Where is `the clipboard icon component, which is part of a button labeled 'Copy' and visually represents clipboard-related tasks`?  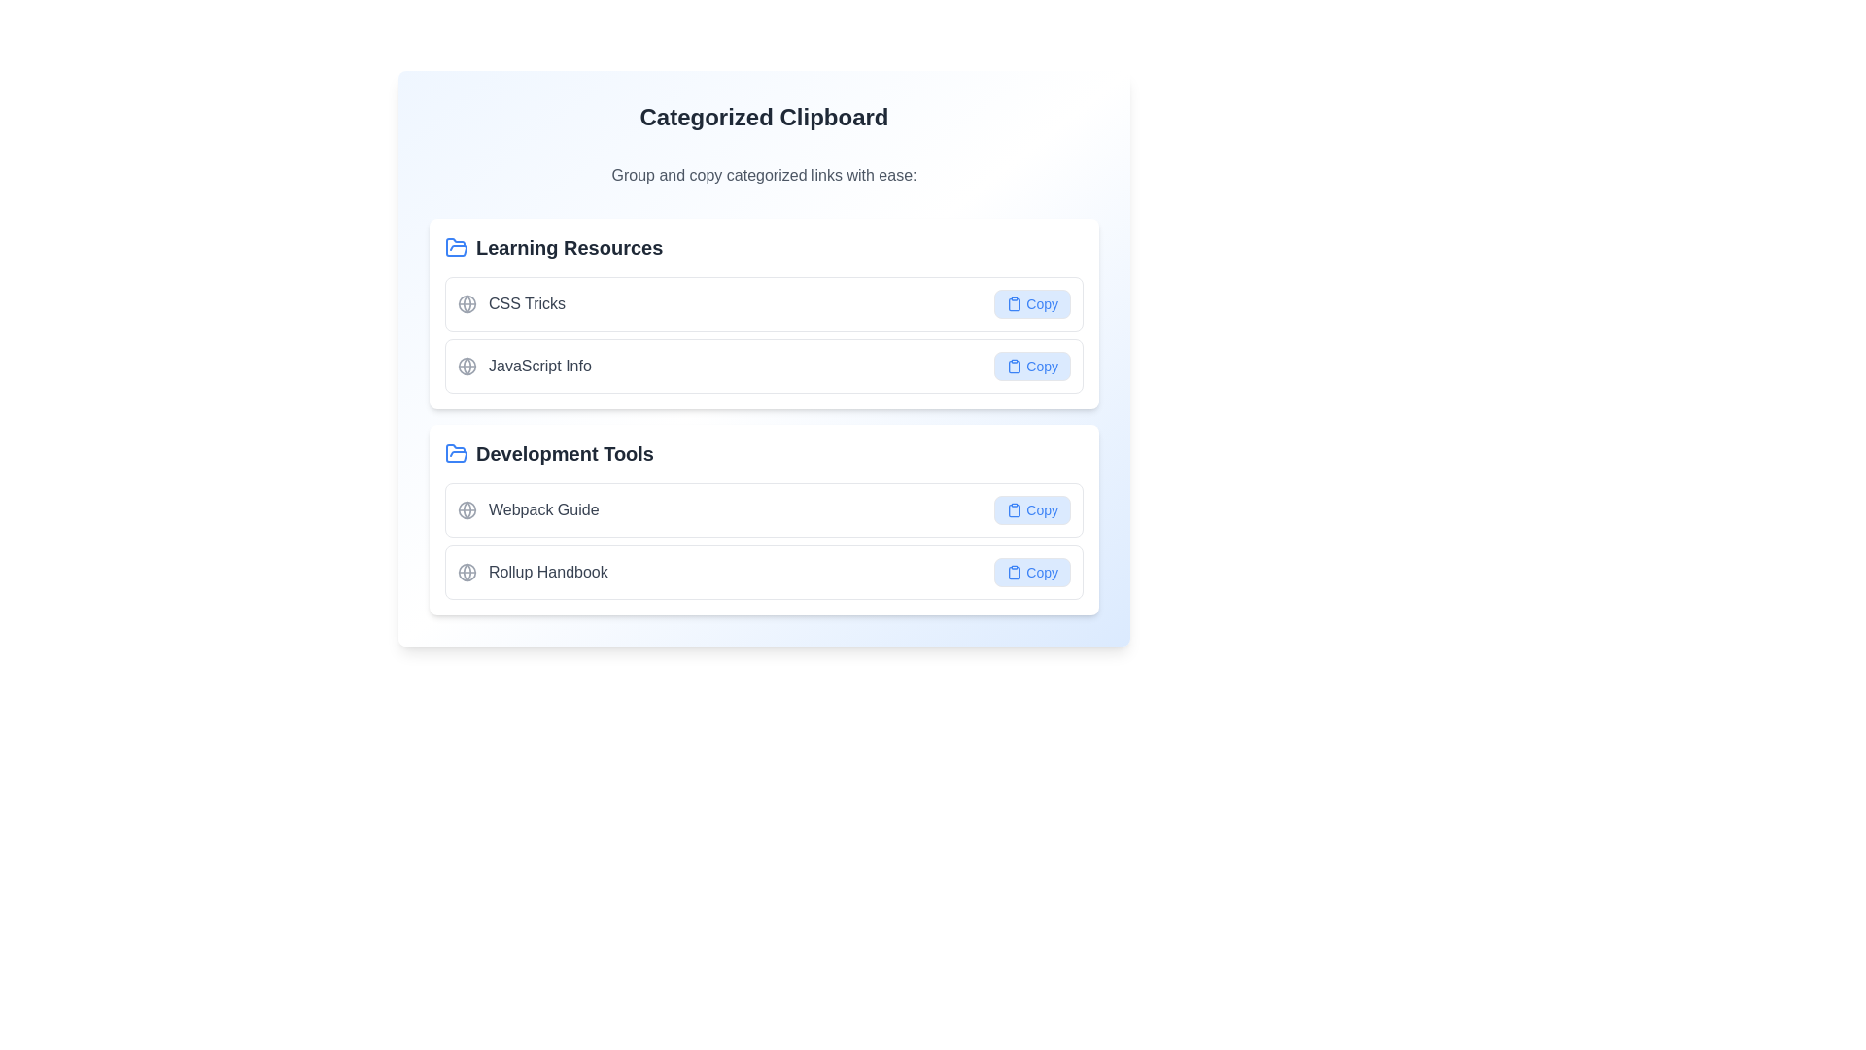 the clipboard icon component, which is part of a button labeled 'Copy' and visually represents clipboard-related tasks is located at coordinates (1014, 572).